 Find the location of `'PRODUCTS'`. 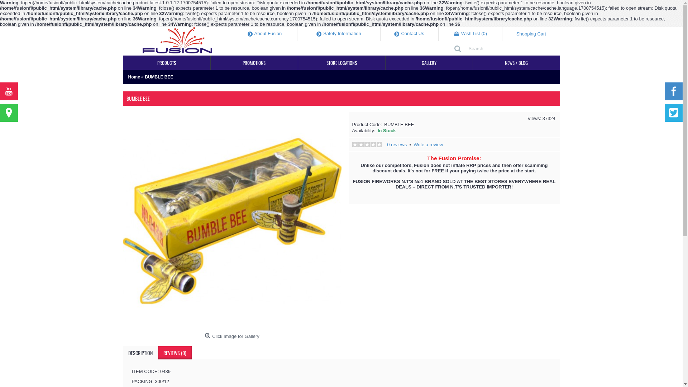

'PRODUCTS' is located at coordinates (166, 62).